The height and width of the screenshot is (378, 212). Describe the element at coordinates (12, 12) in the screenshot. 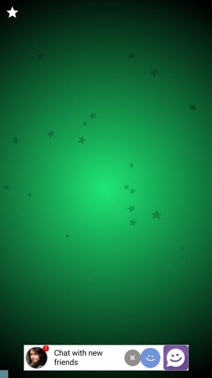

I see `to favorites` at that location.